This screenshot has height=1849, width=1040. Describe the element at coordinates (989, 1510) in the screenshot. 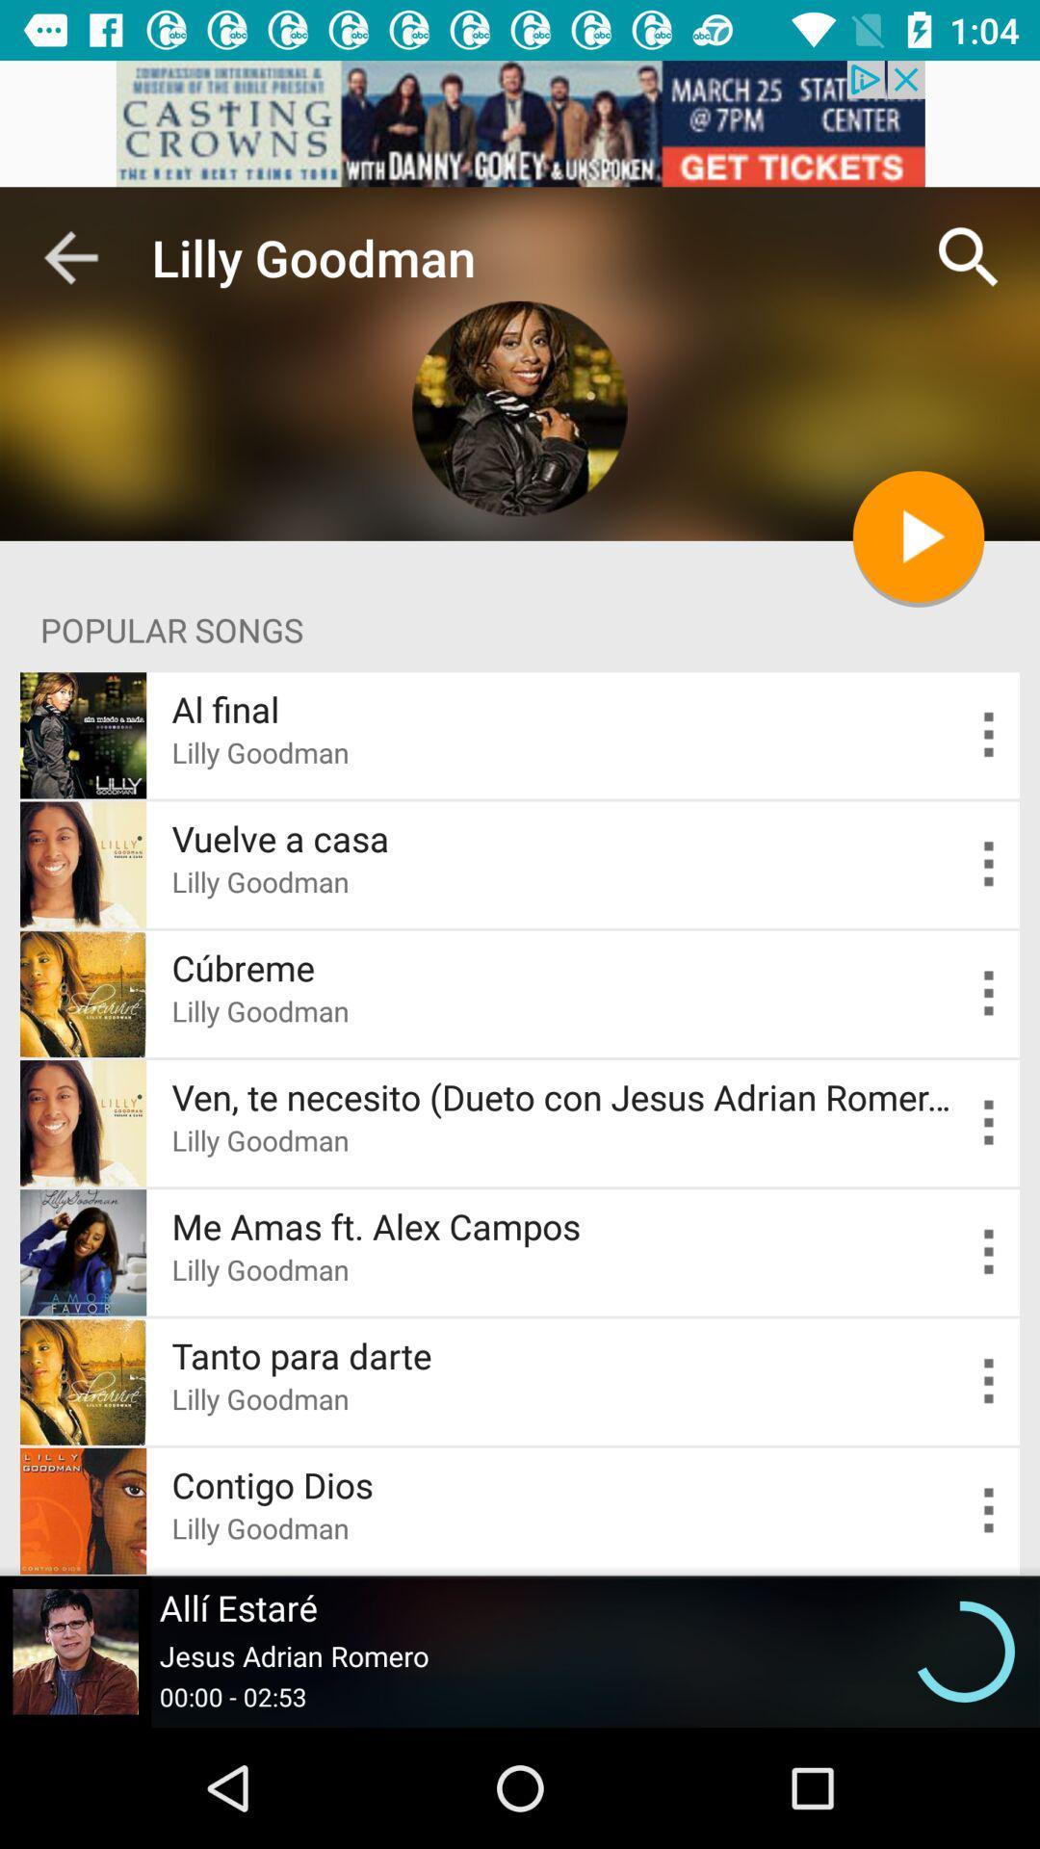

I see `the more icon` at that location.